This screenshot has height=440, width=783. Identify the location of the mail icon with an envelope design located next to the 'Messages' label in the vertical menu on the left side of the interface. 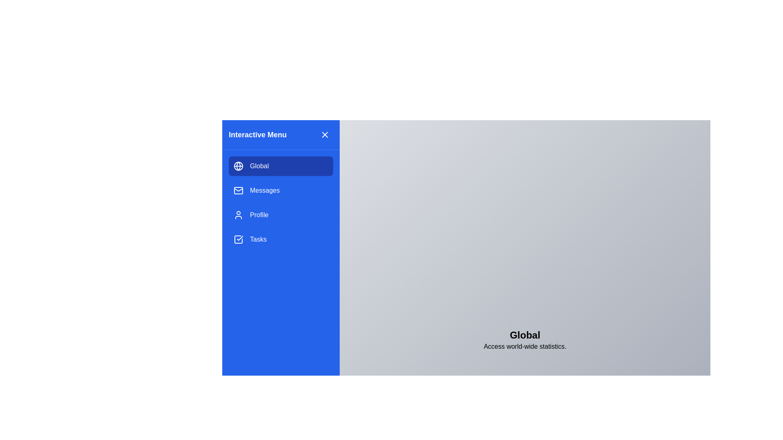
(238, 190).